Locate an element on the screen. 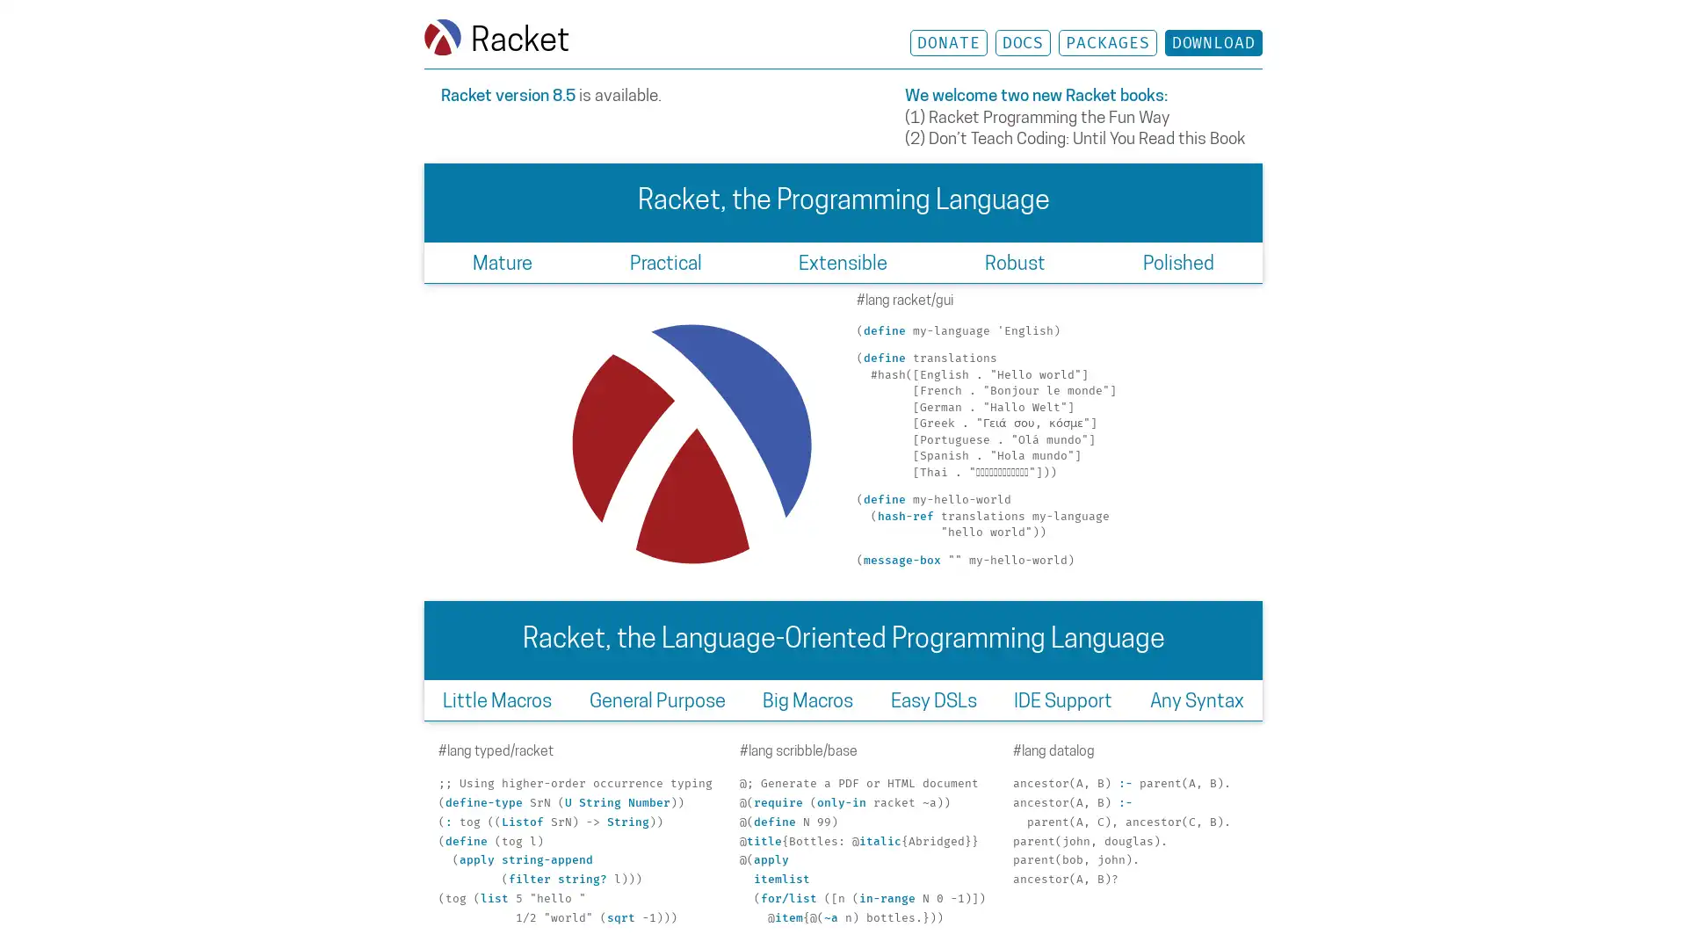 Image resolution: width=1687 pixels, height=949 pixels. Big Macros is located at coordinates (807, 699).